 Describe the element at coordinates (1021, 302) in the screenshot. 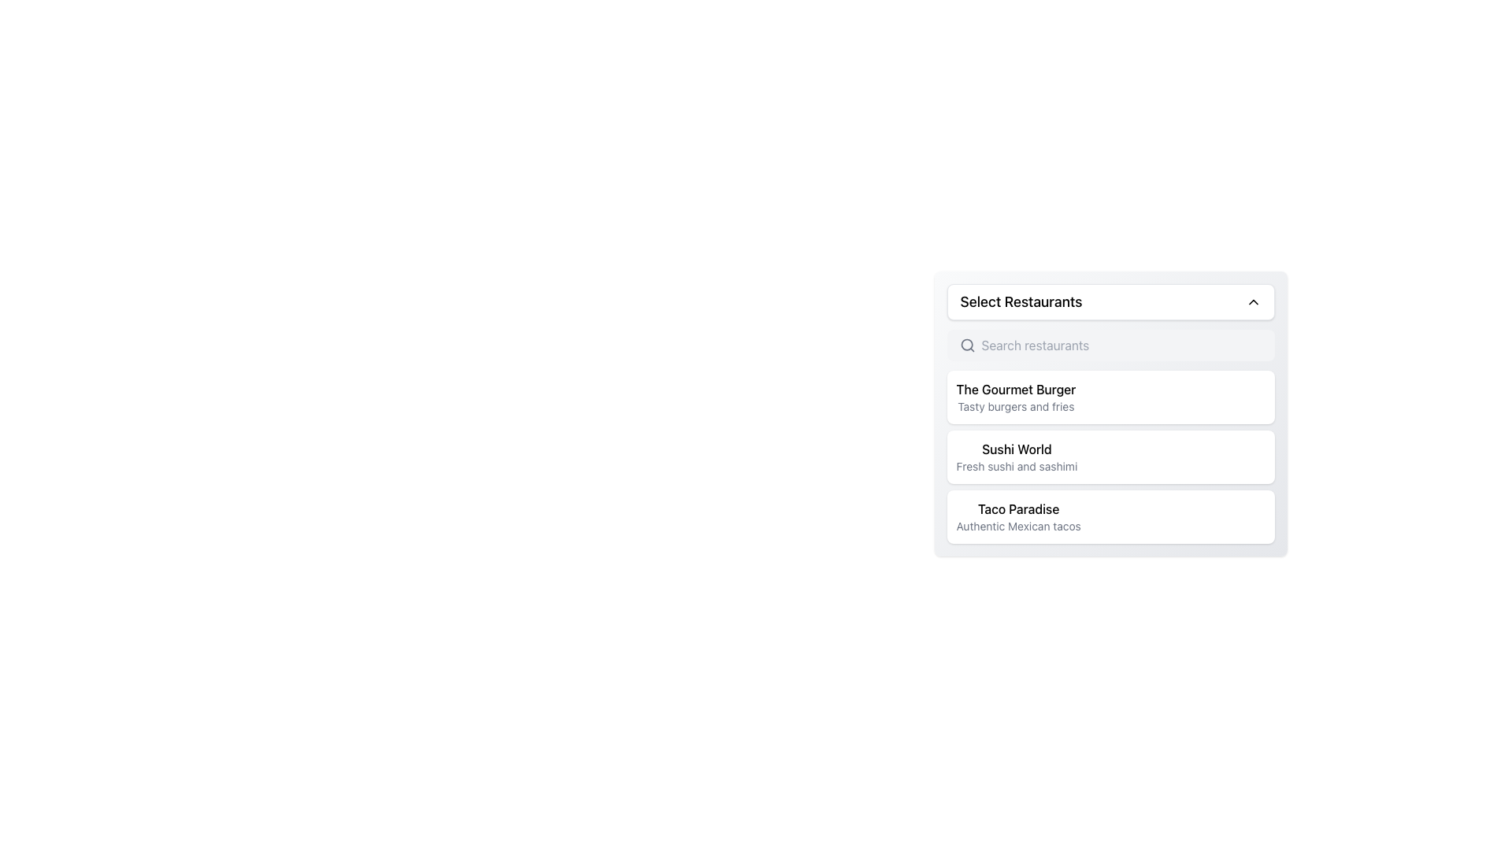

I see `the text label 'Select Restaurants' which is styled in bold and located at the top left section of a dropdown interface` at that location.